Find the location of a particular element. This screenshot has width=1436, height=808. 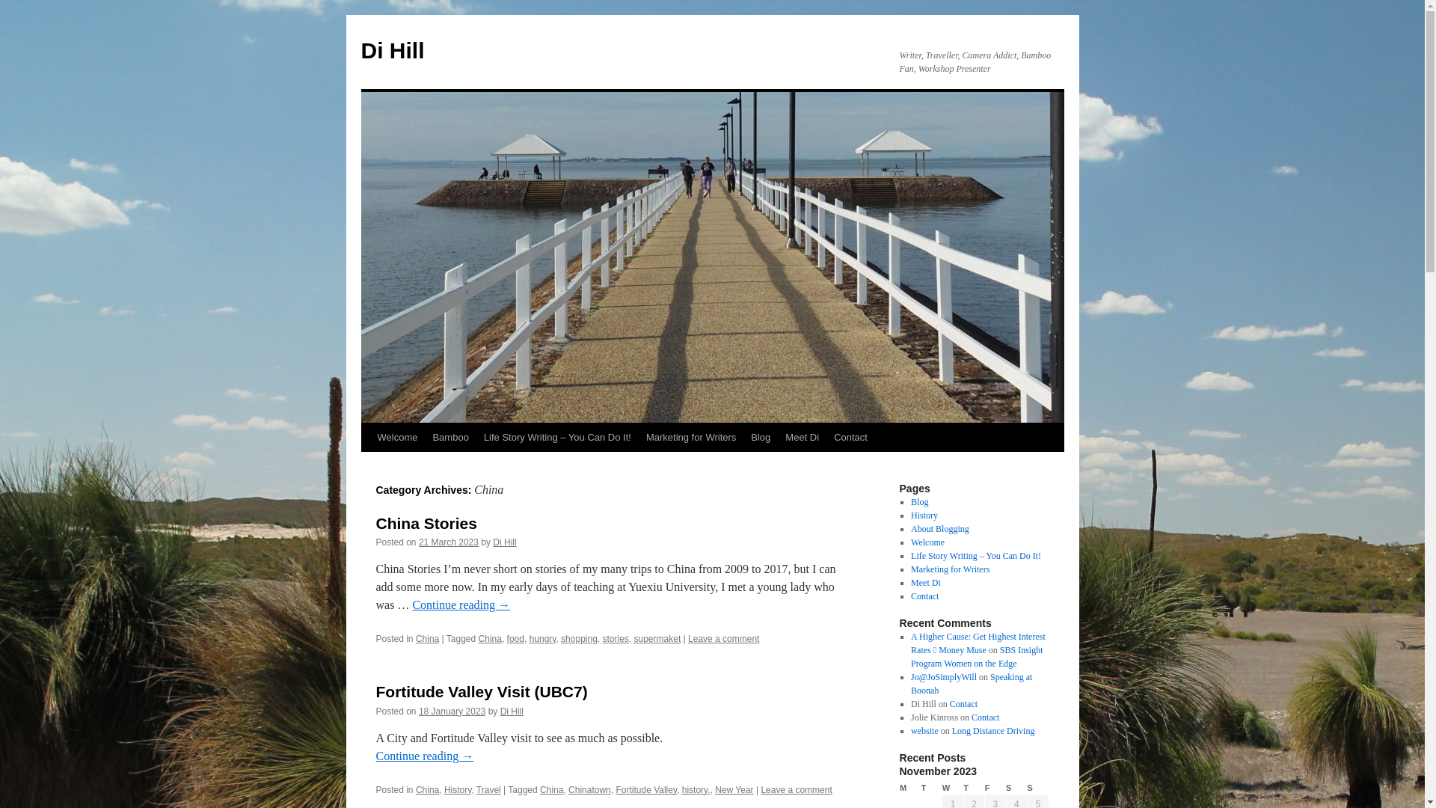

'hungry' is located at coordinates (541, 638).